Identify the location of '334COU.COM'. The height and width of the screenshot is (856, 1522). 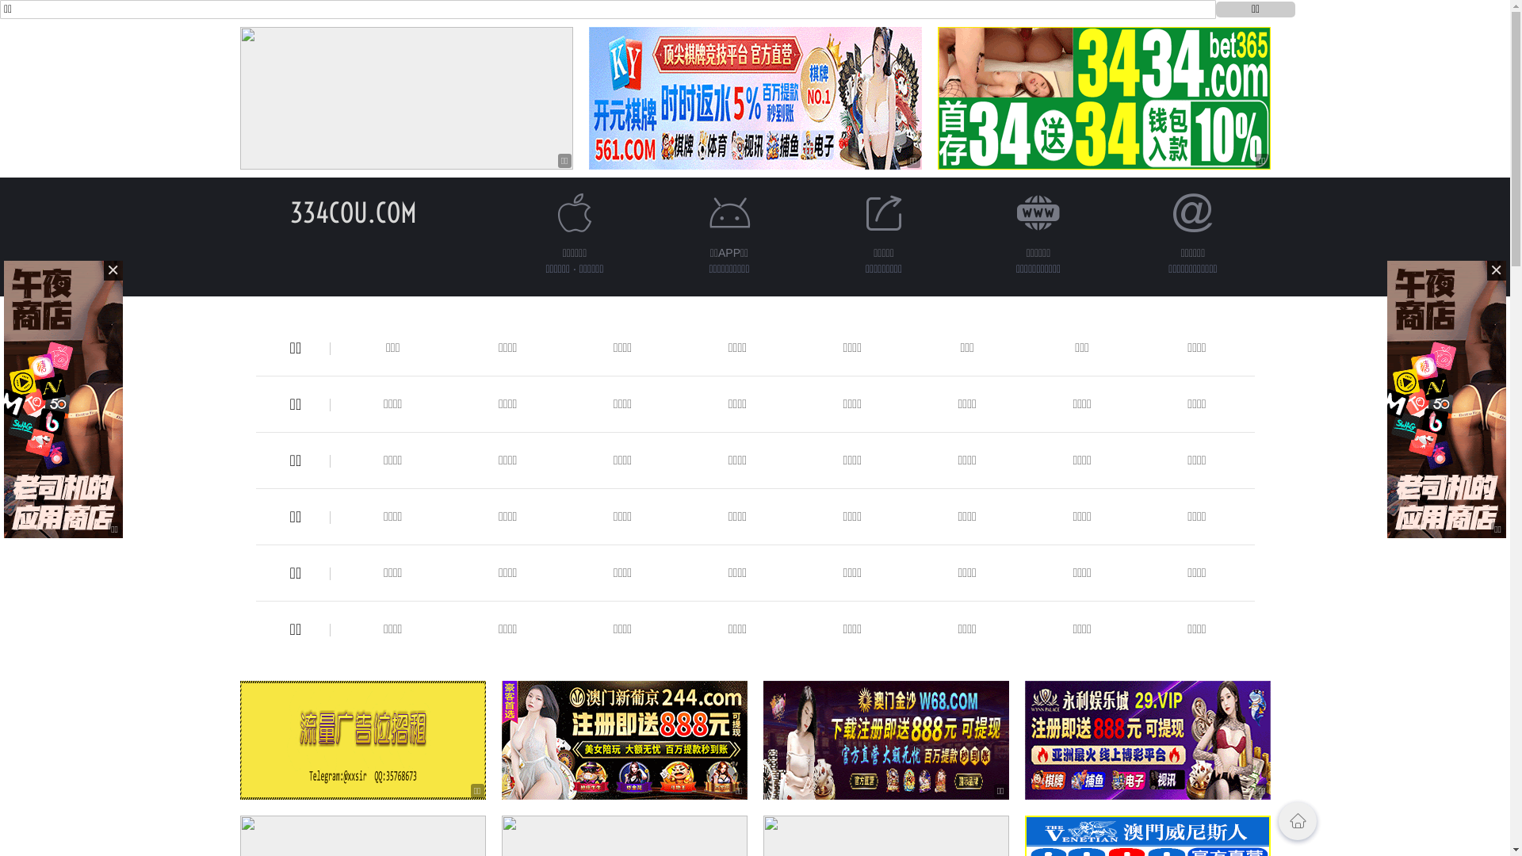
(353, 212).